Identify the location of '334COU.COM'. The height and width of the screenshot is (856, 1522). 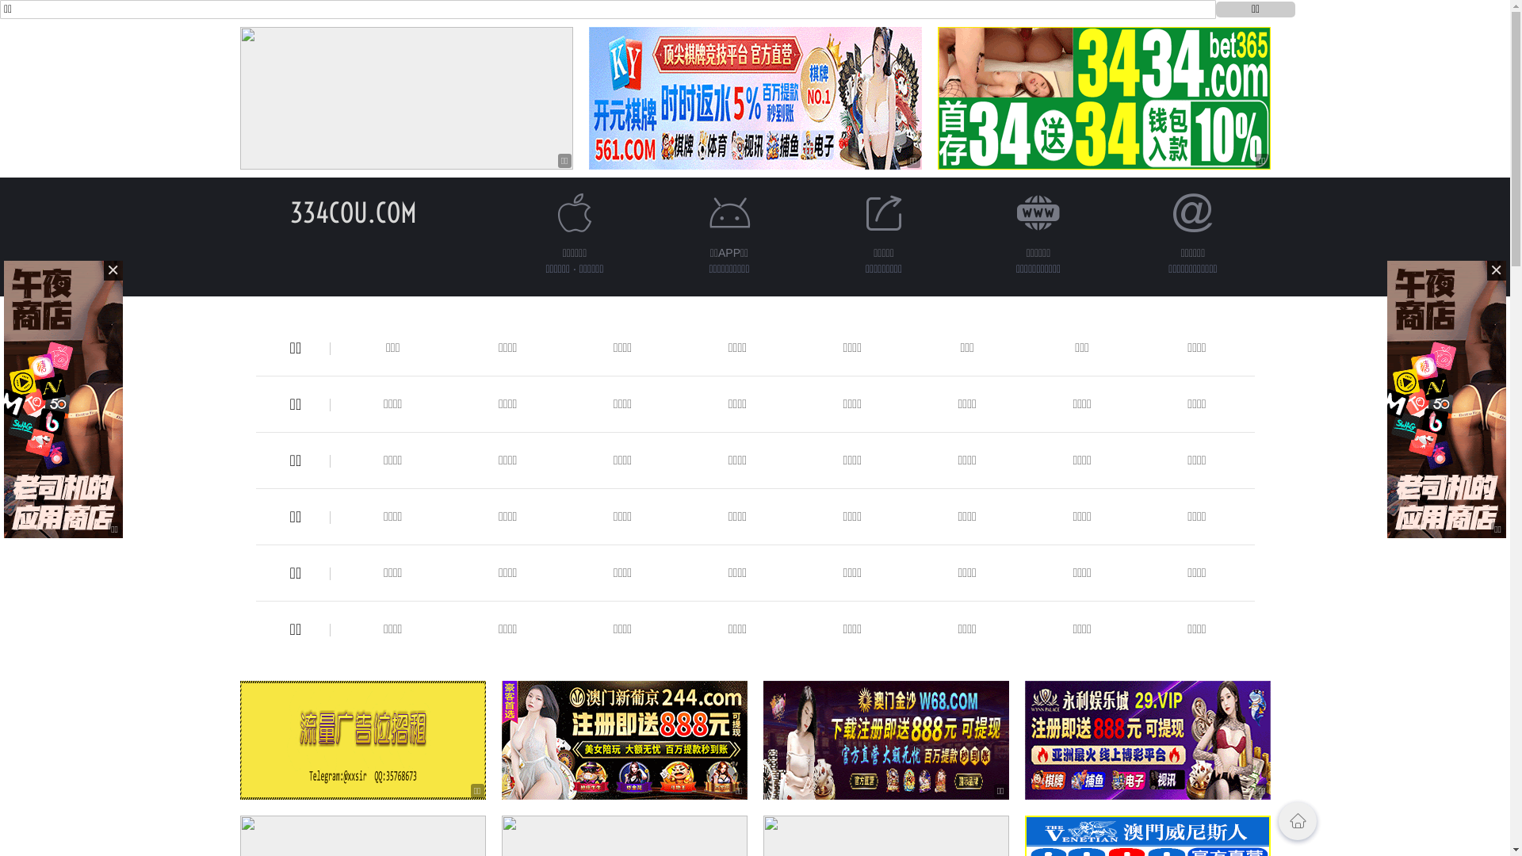
(353, 212).